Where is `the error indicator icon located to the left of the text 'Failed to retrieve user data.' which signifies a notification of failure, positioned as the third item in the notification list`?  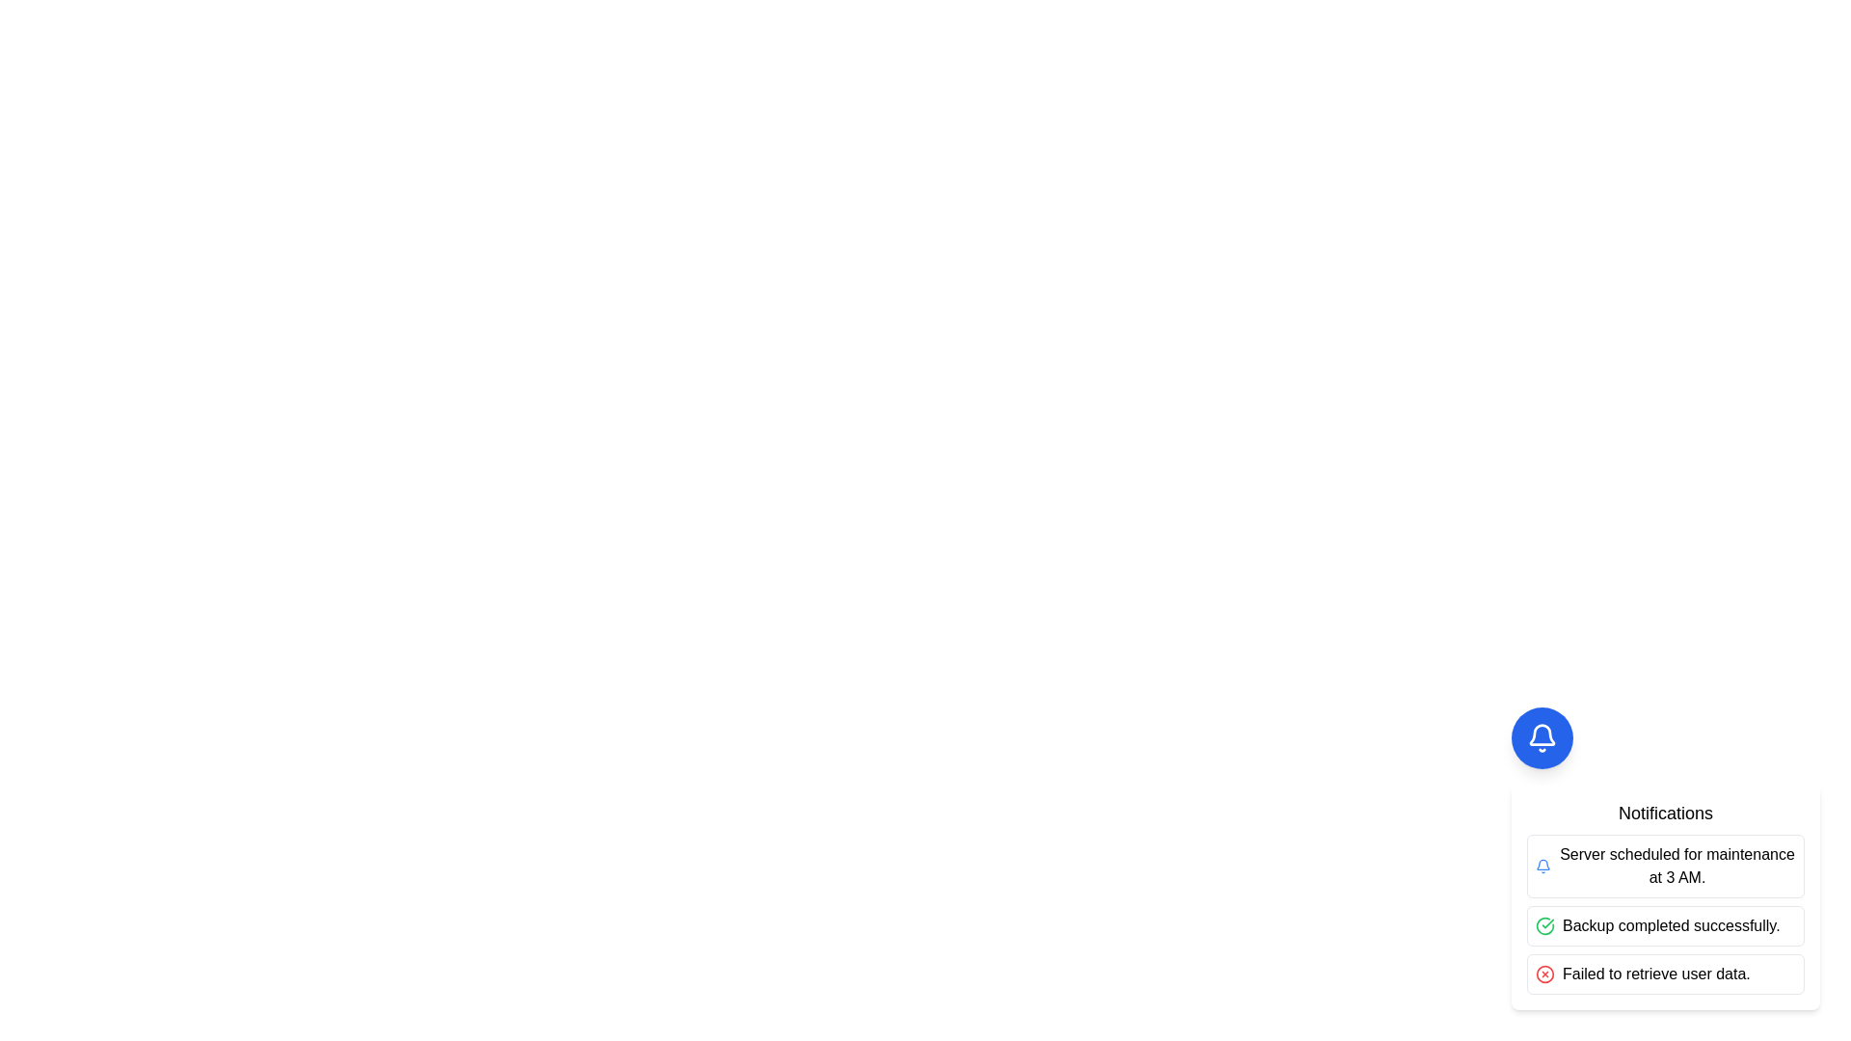 the error indicator icon located to the left of the text 'Failed to retrieve user data.' which signifies a notification of failure, positioned as the third item in the notification list is located at coordinates (1545, 974).